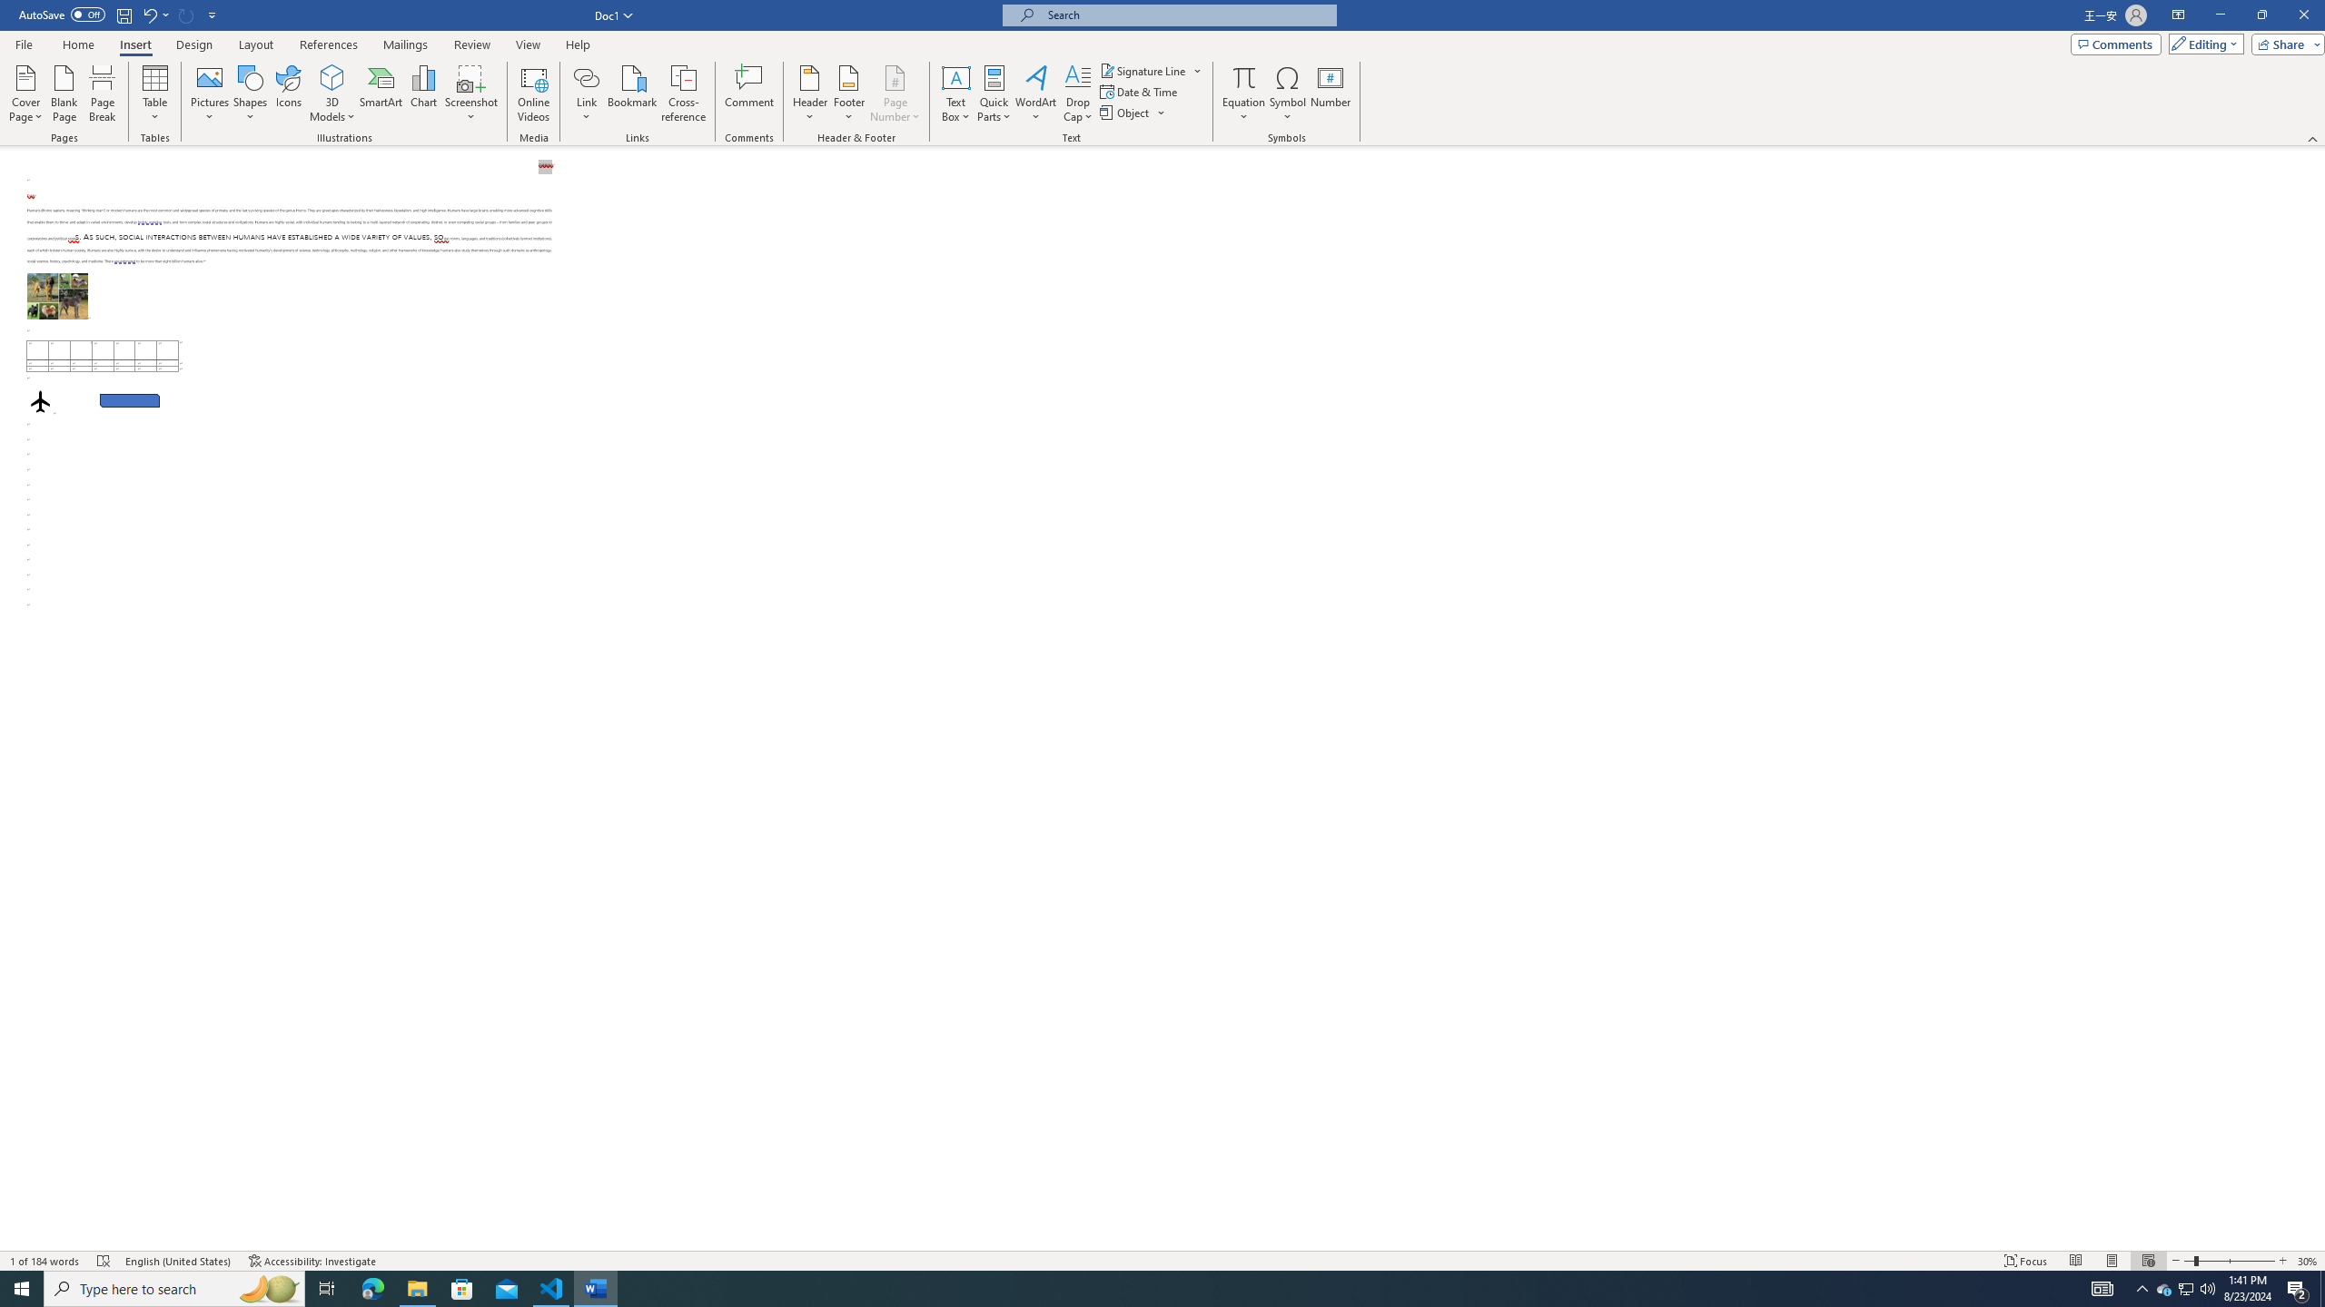 This screenshot has width=2325, height=1307. What do you see at coordinates (210, 93) in the screenshot?
I see `'Pictures'` at bounding box center [210, 93].